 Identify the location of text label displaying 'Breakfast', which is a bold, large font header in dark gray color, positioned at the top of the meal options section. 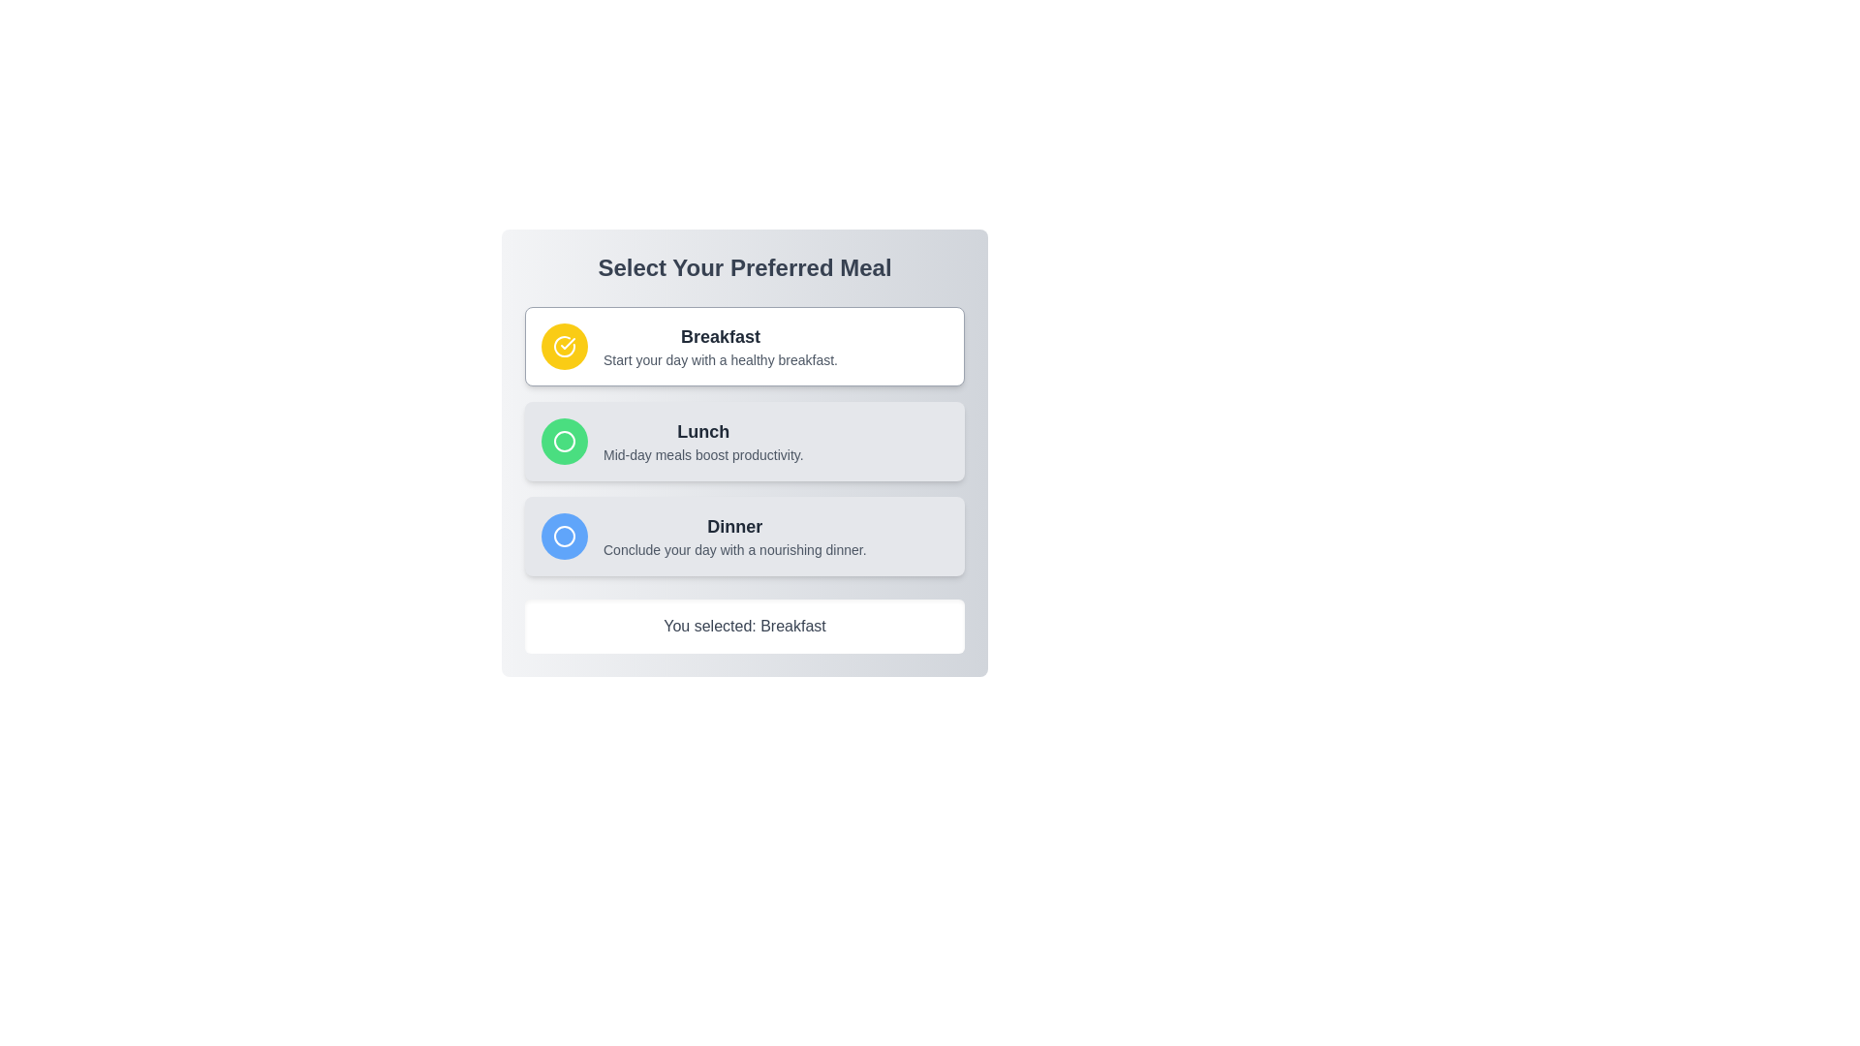
(720, 335).